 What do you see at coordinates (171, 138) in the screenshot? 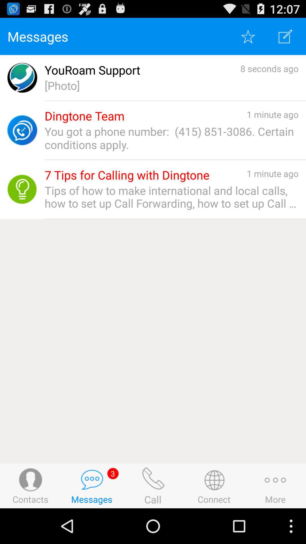
I see `the you got a icon` at bounding box center [171, 138].